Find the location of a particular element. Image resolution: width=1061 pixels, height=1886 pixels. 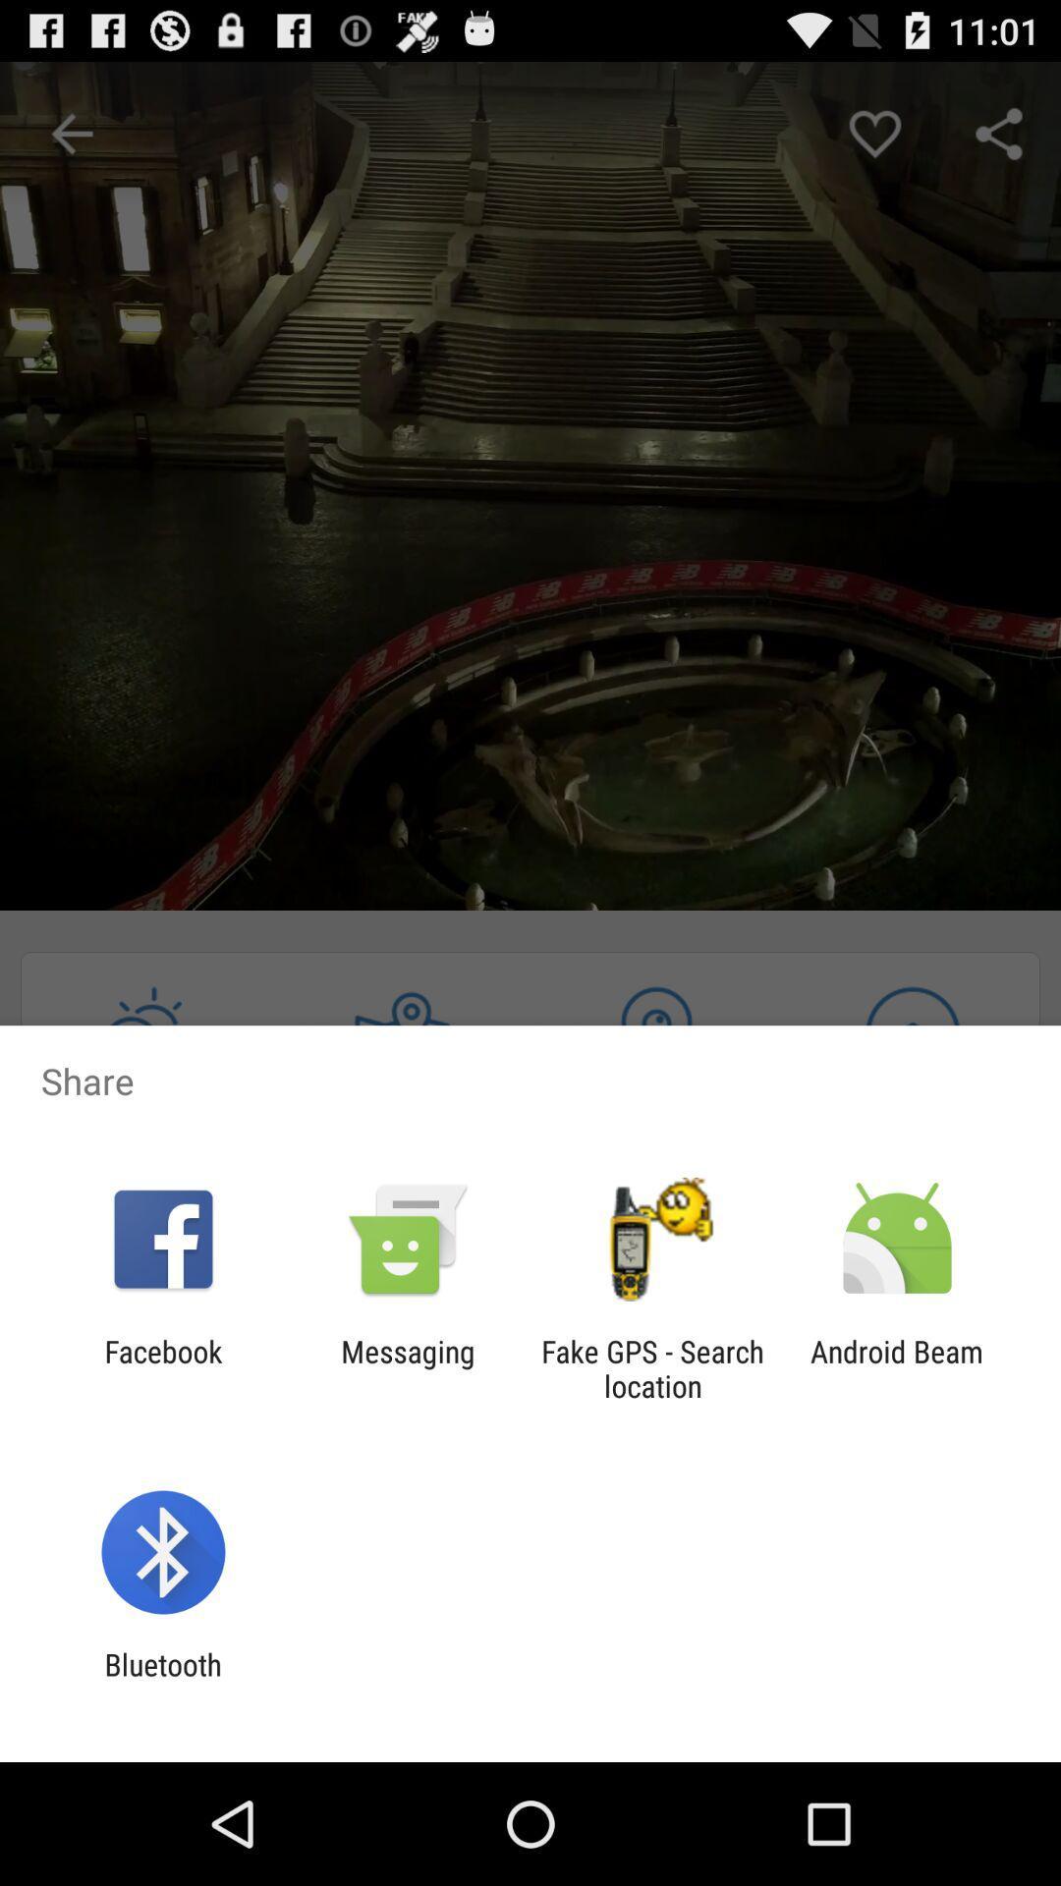

item to the left of android beam is located at coordinates (652, 1367).